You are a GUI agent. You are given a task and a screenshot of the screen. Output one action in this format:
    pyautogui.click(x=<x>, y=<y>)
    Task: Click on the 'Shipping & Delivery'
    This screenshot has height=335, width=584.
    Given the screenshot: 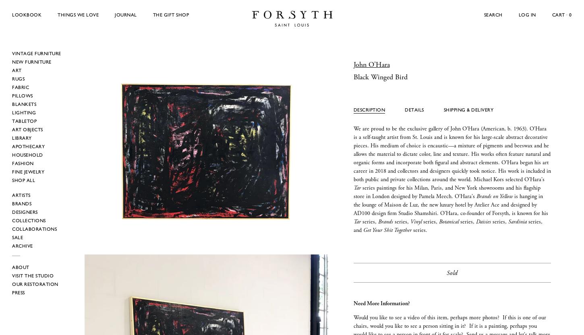 What is the action you would take?
    pyautogui.click(x=468, y=109)
    